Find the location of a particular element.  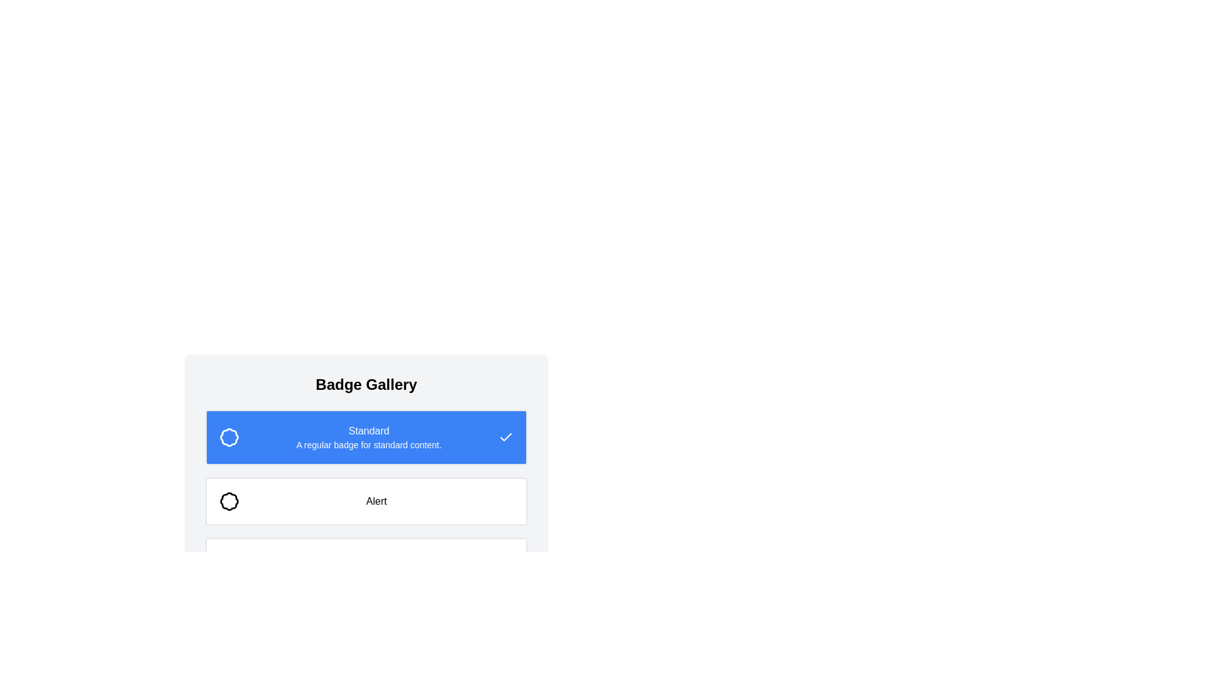

text content of the Static Text Label displaying 'Alert', which is styled in a medium font weight and centered within a white rectangular area, located to the right of a badge-like icon is located at coordinates (376, 500).